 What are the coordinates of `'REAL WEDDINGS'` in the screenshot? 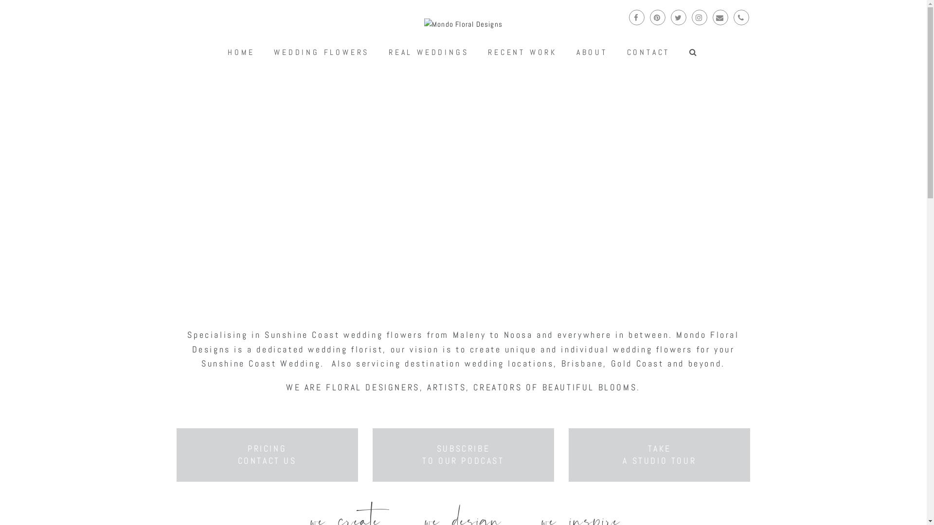 It's located at (428, 52).